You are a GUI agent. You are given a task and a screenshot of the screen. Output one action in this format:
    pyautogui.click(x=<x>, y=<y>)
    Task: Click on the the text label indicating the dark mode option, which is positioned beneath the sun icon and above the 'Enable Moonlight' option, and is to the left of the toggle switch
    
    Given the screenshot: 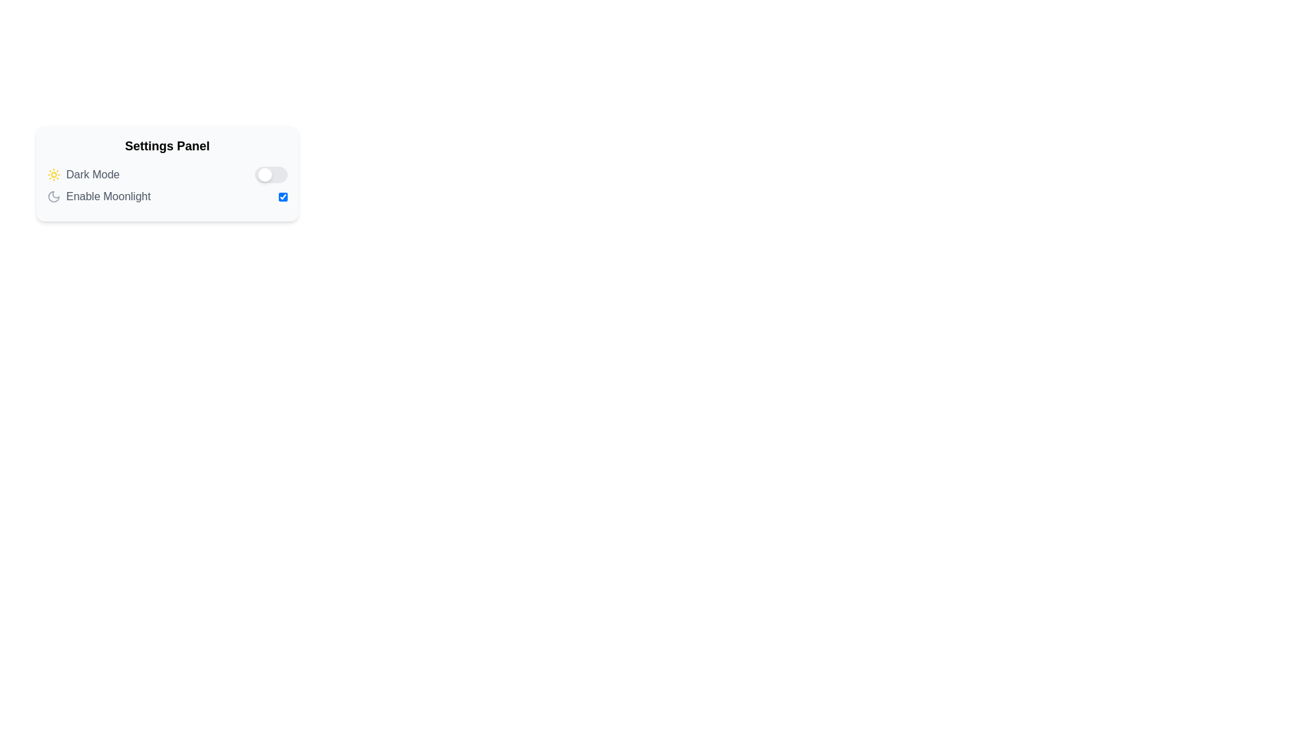 What is the action you would take?
    pyautogui.click(x=92, y=174)
    